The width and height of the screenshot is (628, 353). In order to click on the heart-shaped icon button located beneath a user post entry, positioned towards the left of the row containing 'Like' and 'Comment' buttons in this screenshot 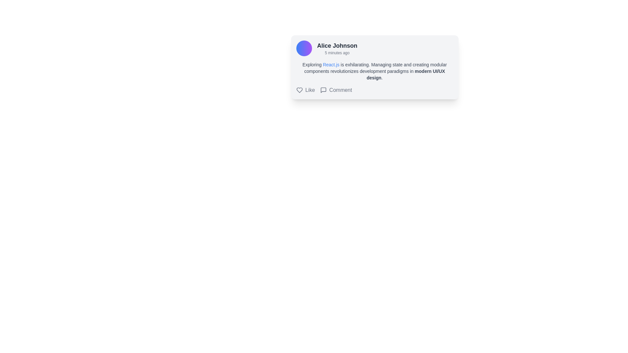, I will do `click(299, 90)`.